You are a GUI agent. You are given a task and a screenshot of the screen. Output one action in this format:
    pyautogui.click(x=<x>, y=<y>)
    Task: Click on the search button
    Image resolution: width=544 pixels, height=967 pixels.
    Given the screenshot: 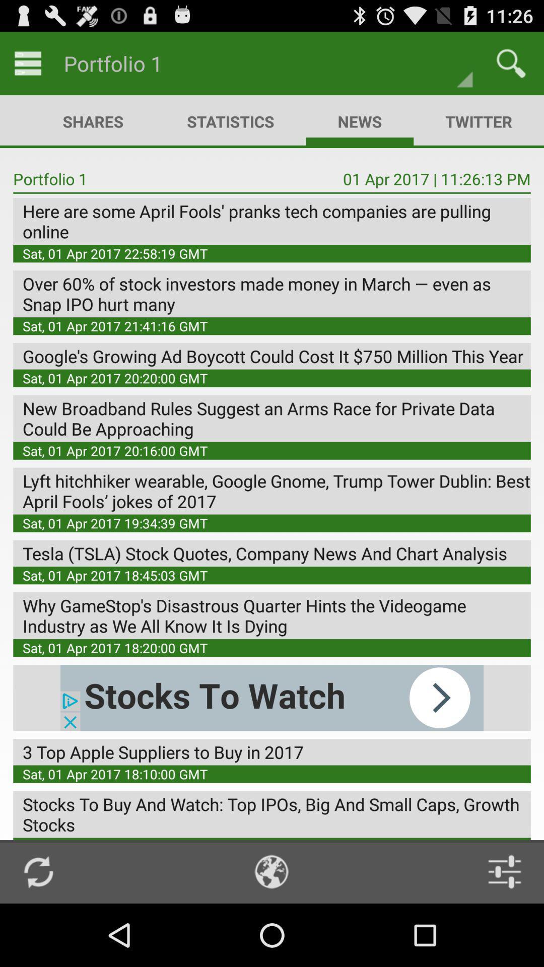 What is the action you would take?
    pyautogui.click(x=511, y=62)
    